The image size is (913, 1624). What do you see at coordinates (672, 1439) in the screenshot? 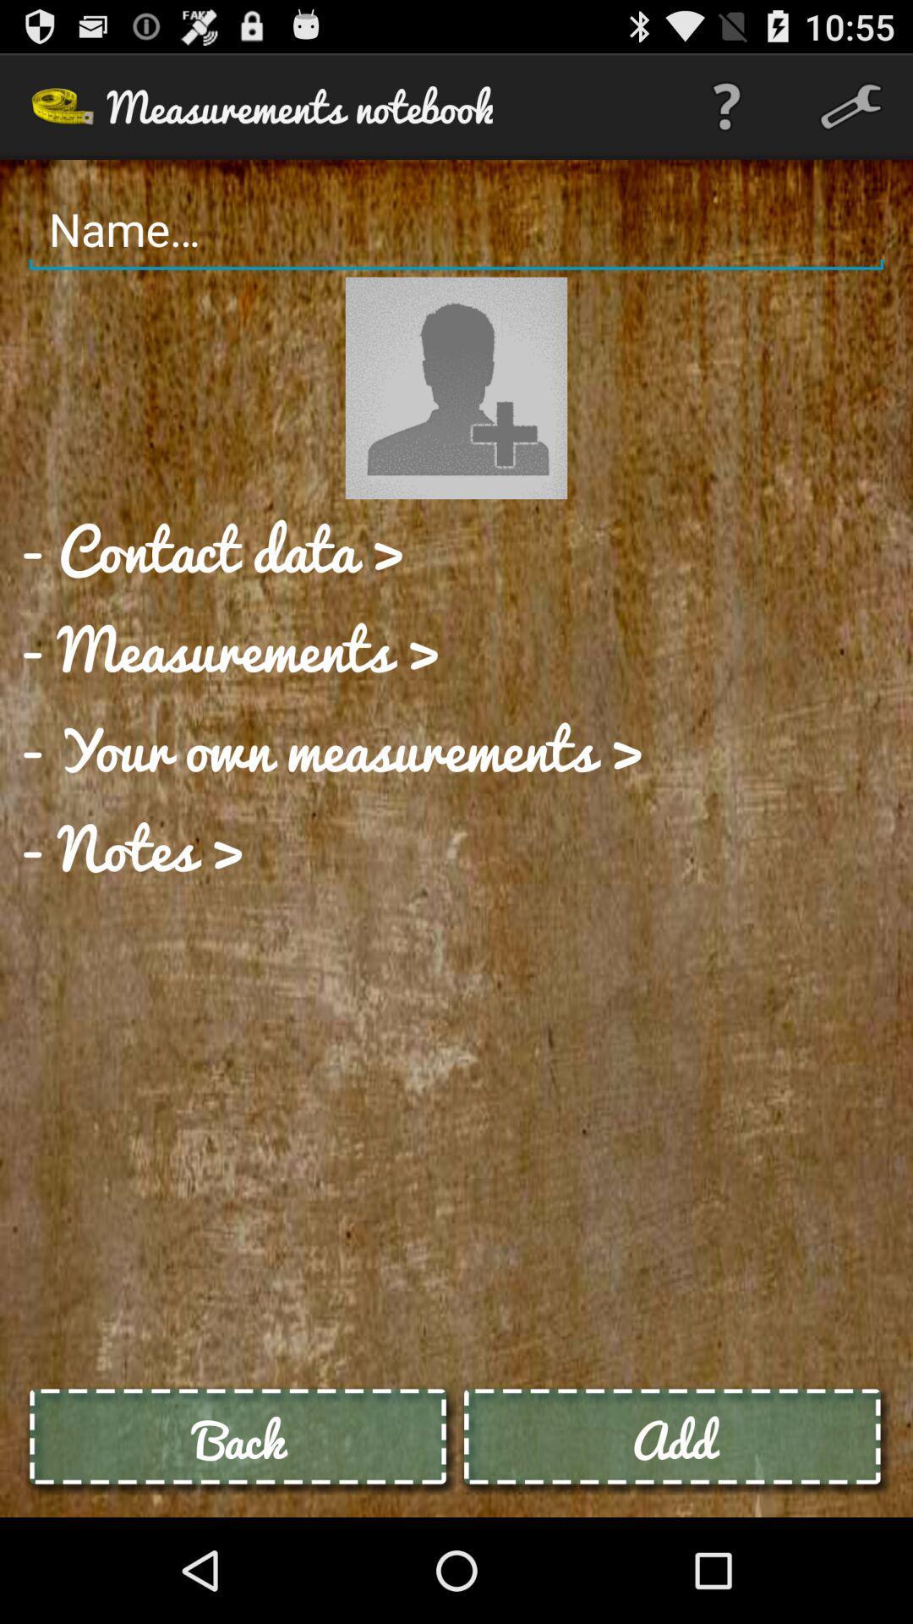
I see `icon to the right of the back button` at bounding box center [672, 1439].